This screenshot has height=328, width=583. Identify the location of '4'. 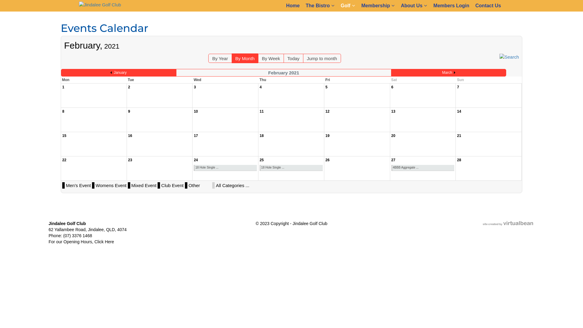
(261, 87).